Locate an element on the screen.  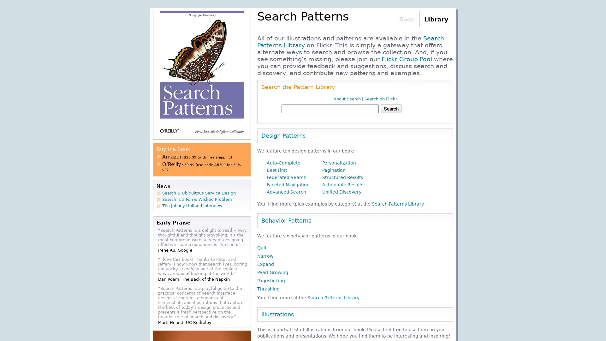
SUBMIT is located at coordinates (415, 108).